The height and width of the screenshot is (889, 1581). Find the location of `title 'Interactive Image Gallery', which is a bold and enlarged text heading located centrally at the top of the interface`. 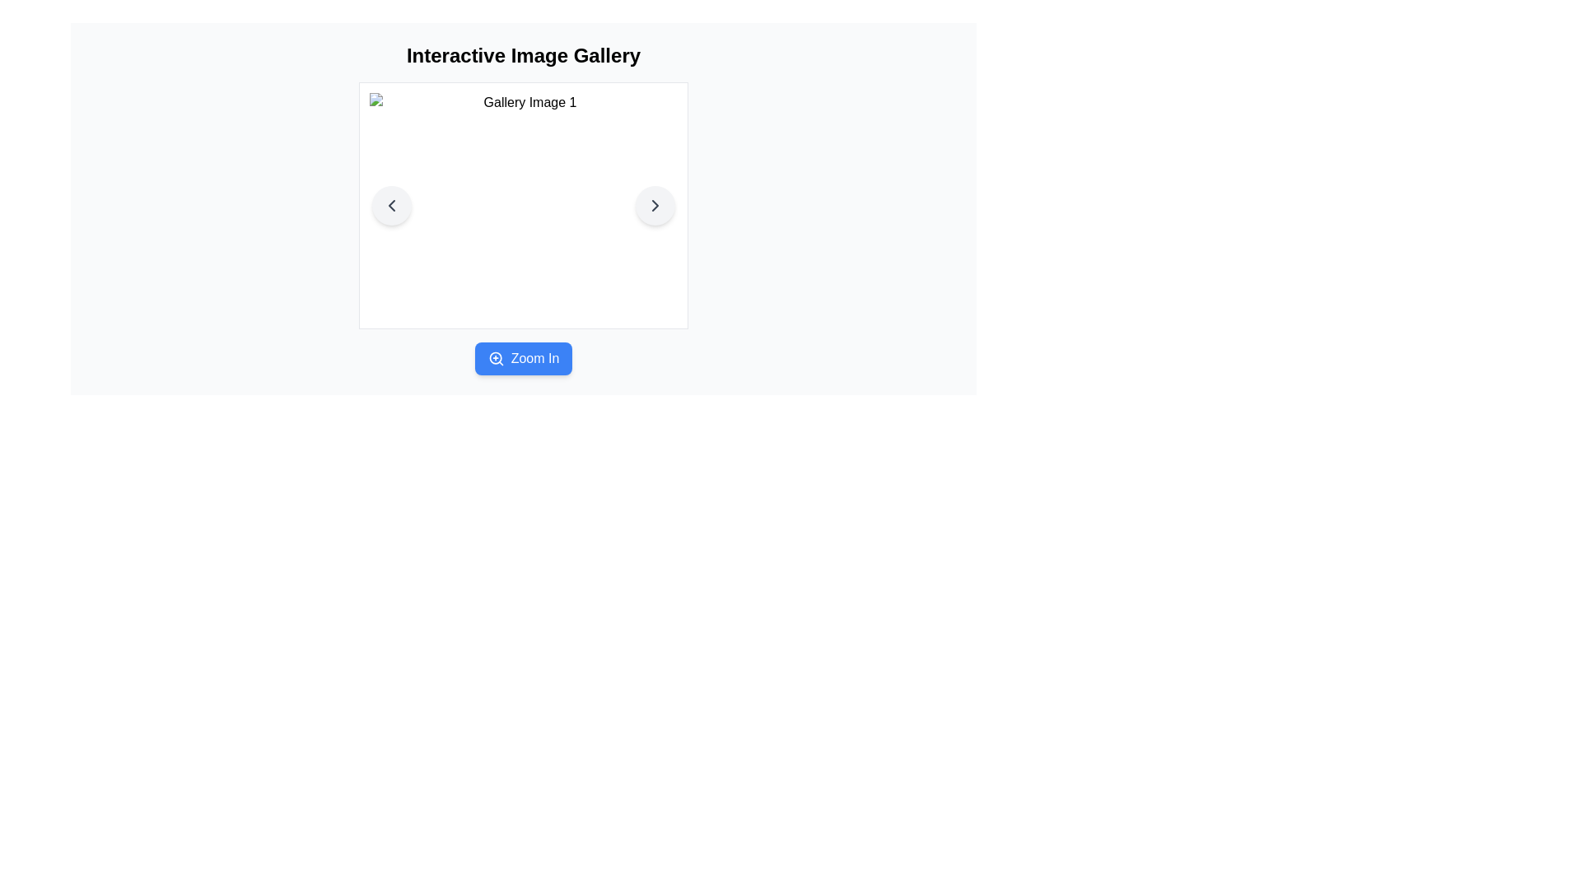

title 'Interactive Image Gallery', which is a bold and enlarged text heading located centrally at the top of the interface is located at coordinates (522, 55).